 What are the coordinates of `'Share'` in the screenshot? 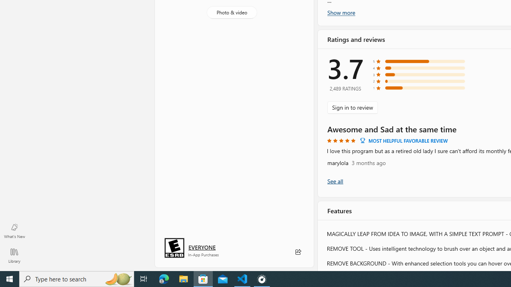 It's located at (297, 252).